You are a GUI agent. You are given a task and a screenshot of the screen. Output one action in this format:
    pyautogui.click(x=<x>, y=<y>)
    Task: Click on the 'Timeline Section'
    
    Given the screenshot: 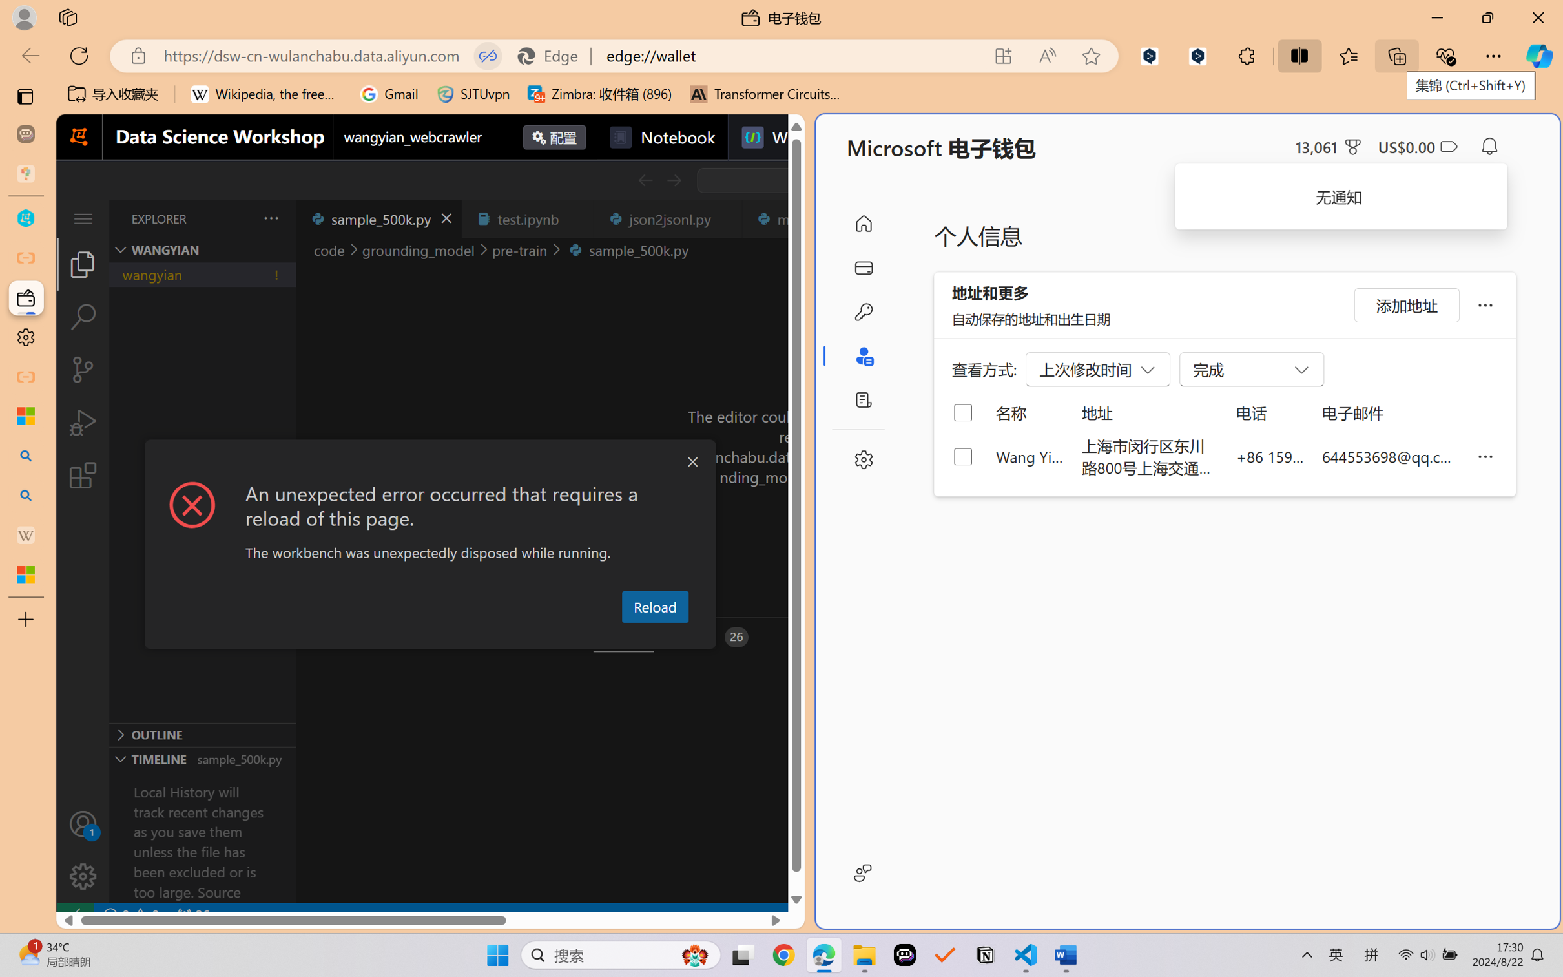 What is the action you would take?
    pyautogui.click(x=202, y=759)
    